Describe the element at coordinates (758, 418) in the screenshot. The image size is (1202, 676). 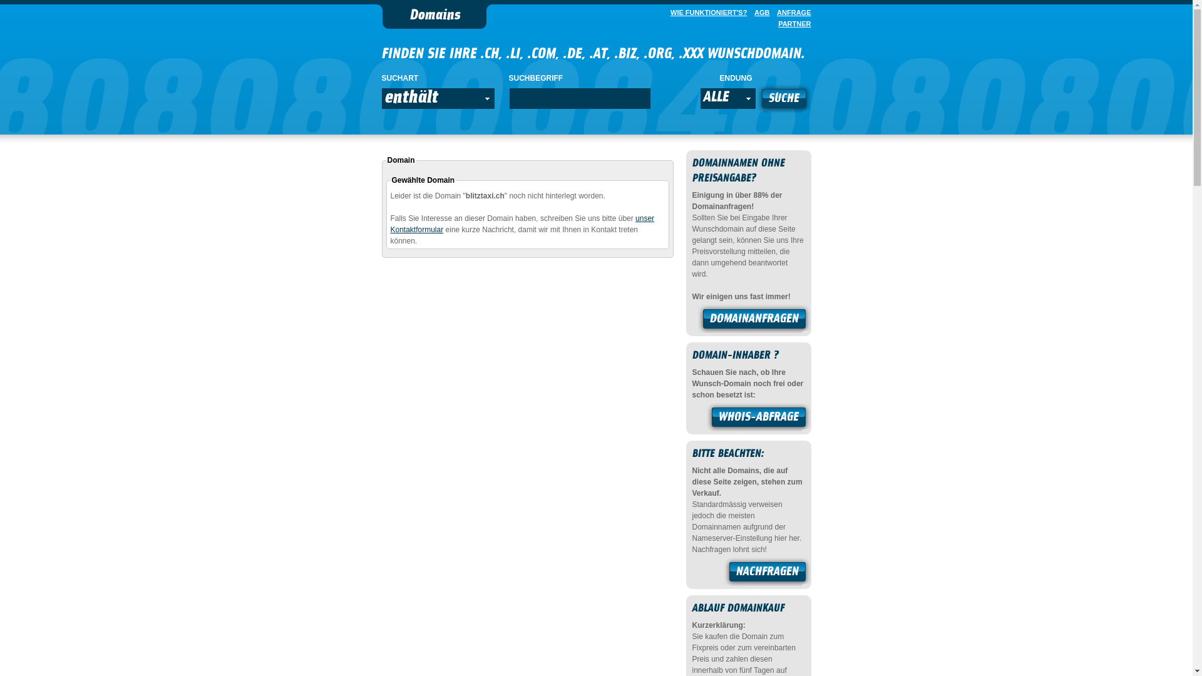
I see `'WHOIS-ABFRAGE'` at that location.